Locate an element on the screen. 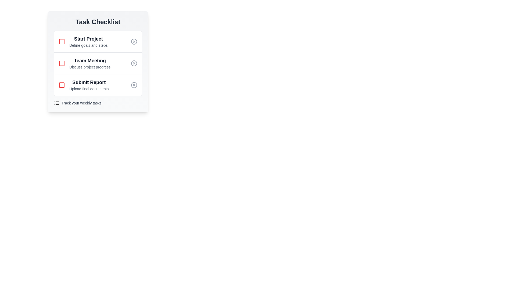 The image size is (516, 290). the remove button for the task titled 'Start Project' is located at coordinates (134, 41).